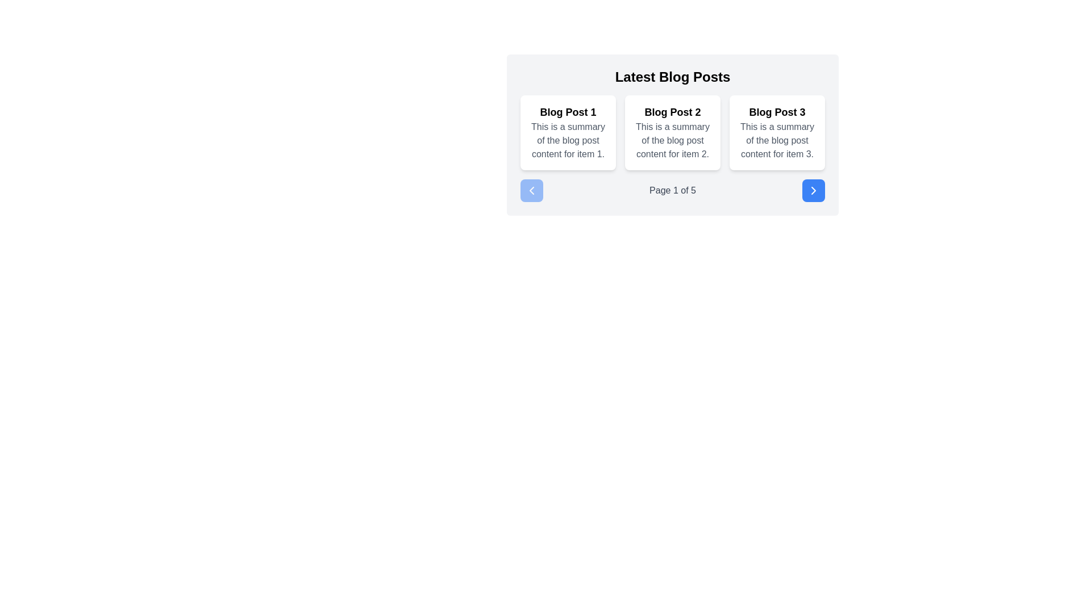 The image size is (1091, 613). Describe the element at coordinates (531, 190) in the screenshot. I see `the pagination control button for navigating to the previous set of items located at the bottom of the 'Latest Blog Posts' section` at that location.